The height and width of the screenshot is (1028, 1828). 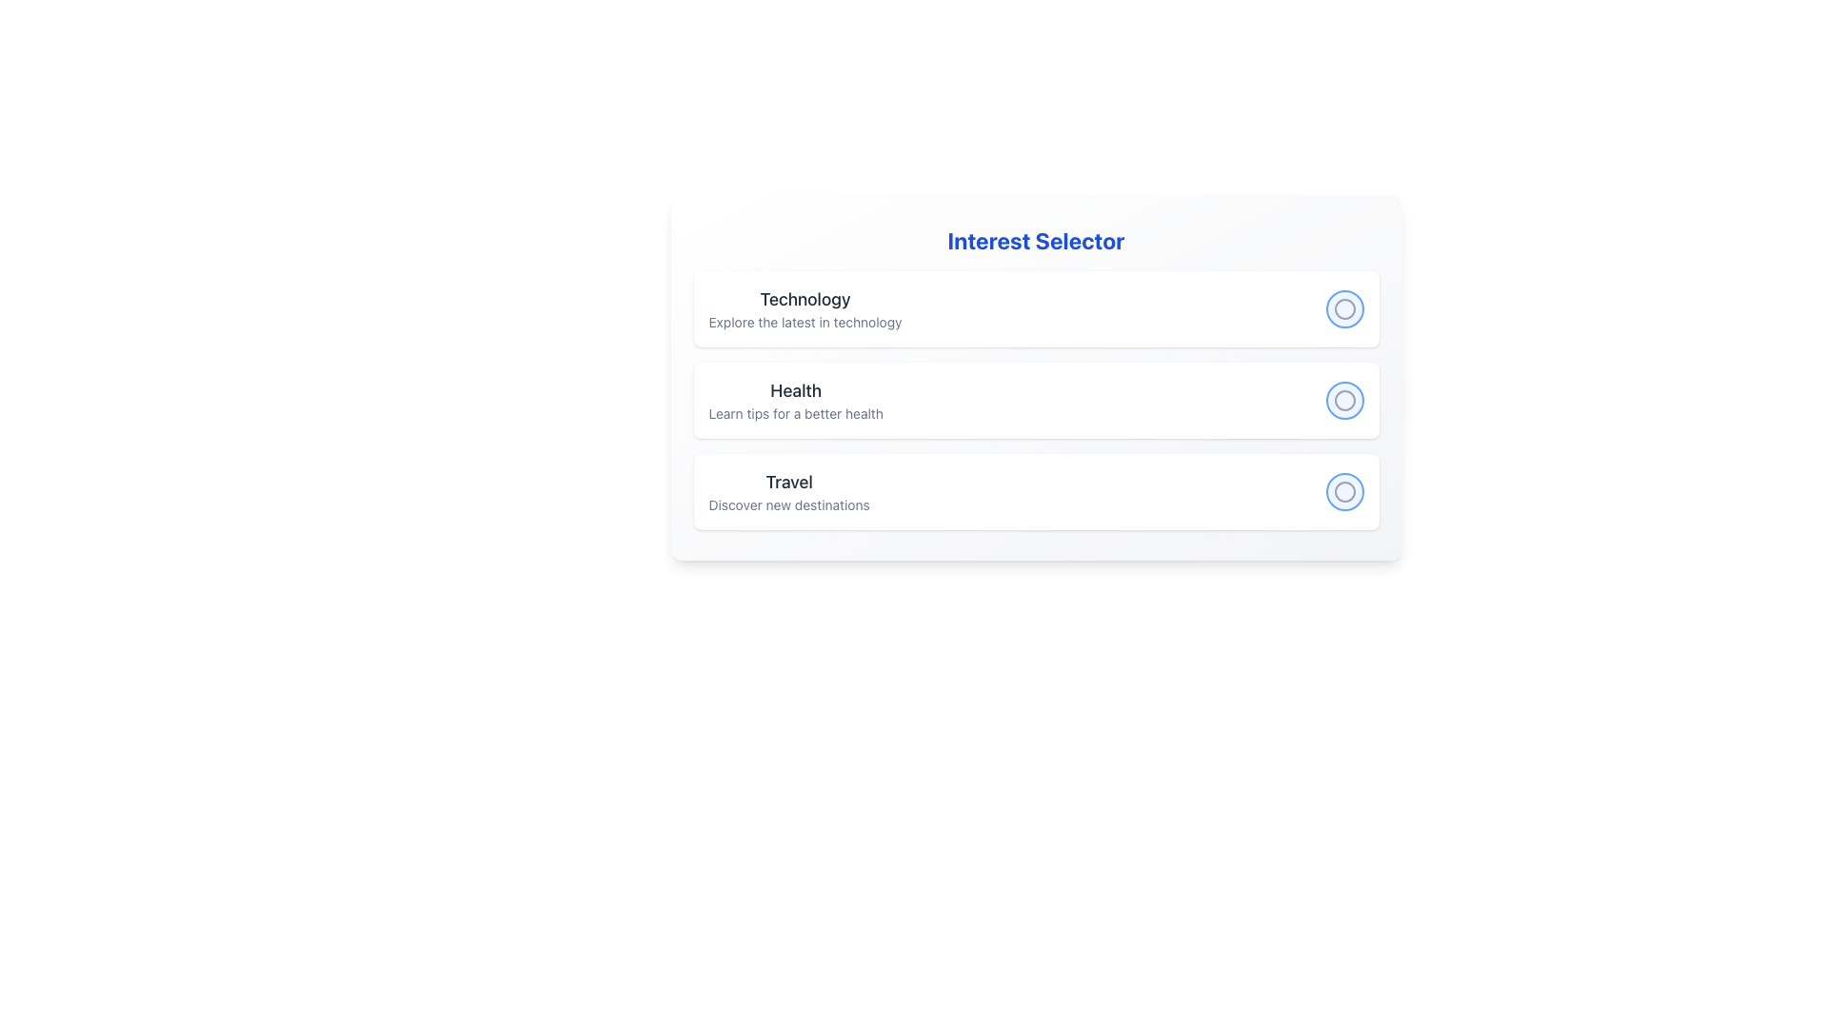 What do you see at coordinates (1035, 378) in the screenshot?
I see `the 'Health' Selection card in the Interest Selector, which is the second card in a vertical list of three options` at bounding box center [1035, 378].